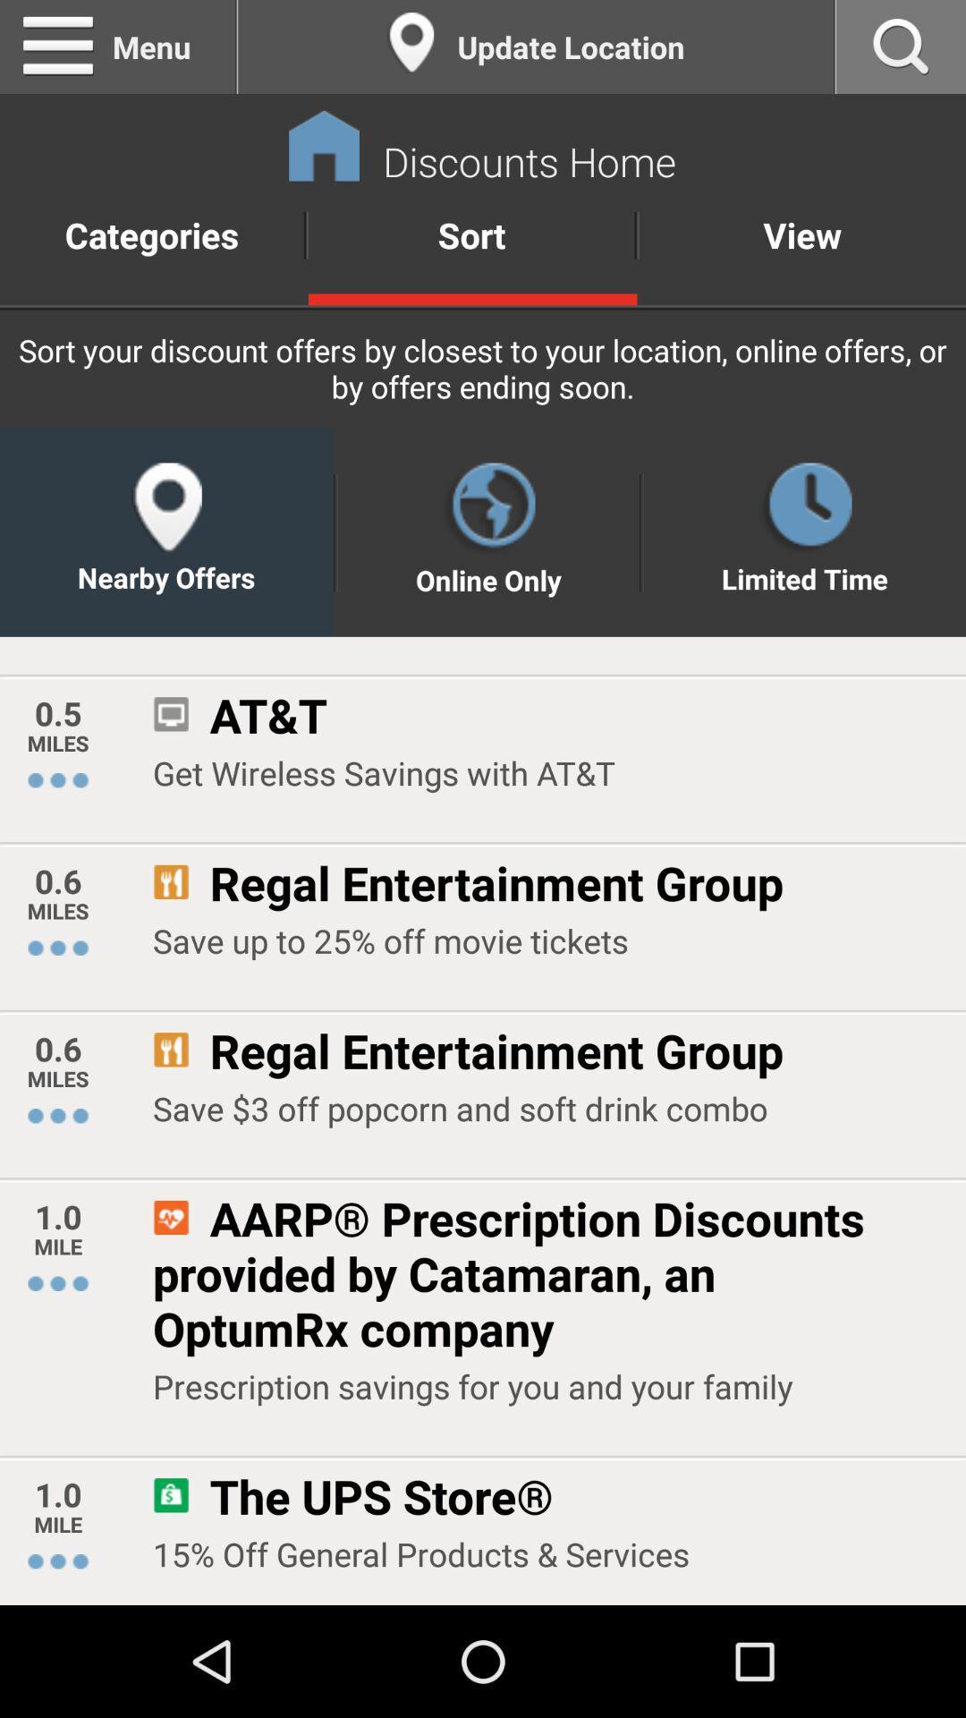  What do you see at coordinates (901, 50) in the screenshot?
I see `the search icon` at bounding box center [901, 50].